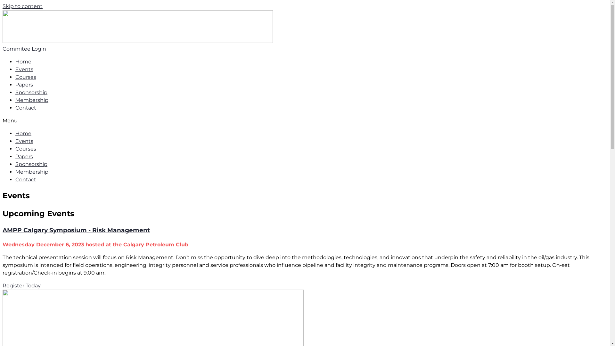 This screenshot has height=346, width=615. What do you see at coordinates (3, 285) in the screenshot?
I see `'Register Today'` at bounding box center [3, 285].